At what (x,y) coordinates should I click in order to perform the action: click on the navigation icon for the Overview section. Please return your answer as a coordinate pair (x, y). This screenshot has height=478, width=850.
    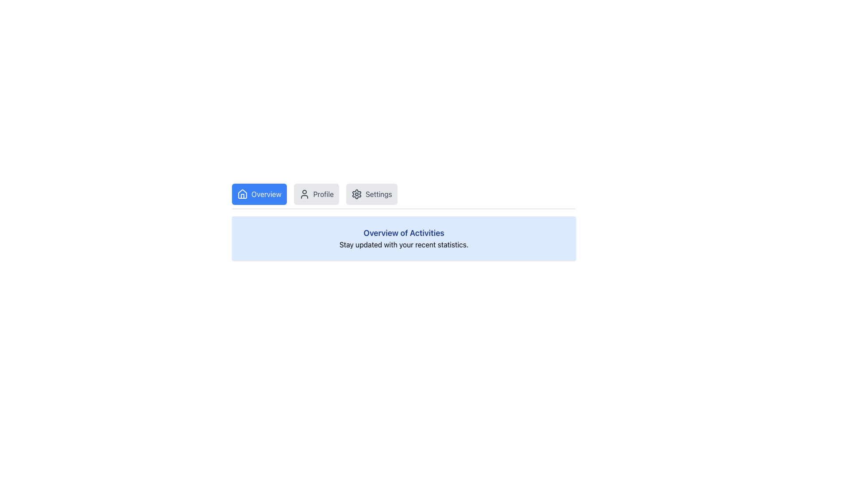
    Looking at the image, I should click on (242, 194).